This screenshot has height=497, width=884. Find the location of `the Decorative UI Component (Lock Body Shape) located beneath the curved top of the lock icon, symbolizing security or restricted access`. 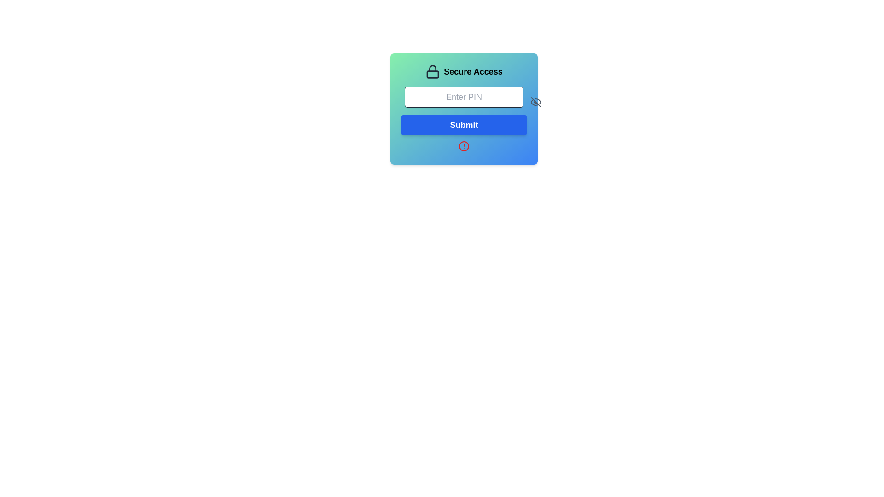

the Decorative UI Component (Lock Body Shape) located beneath the curved top of the lock icon, symbolizing security or restricted access is located at coordinates (432, 74).